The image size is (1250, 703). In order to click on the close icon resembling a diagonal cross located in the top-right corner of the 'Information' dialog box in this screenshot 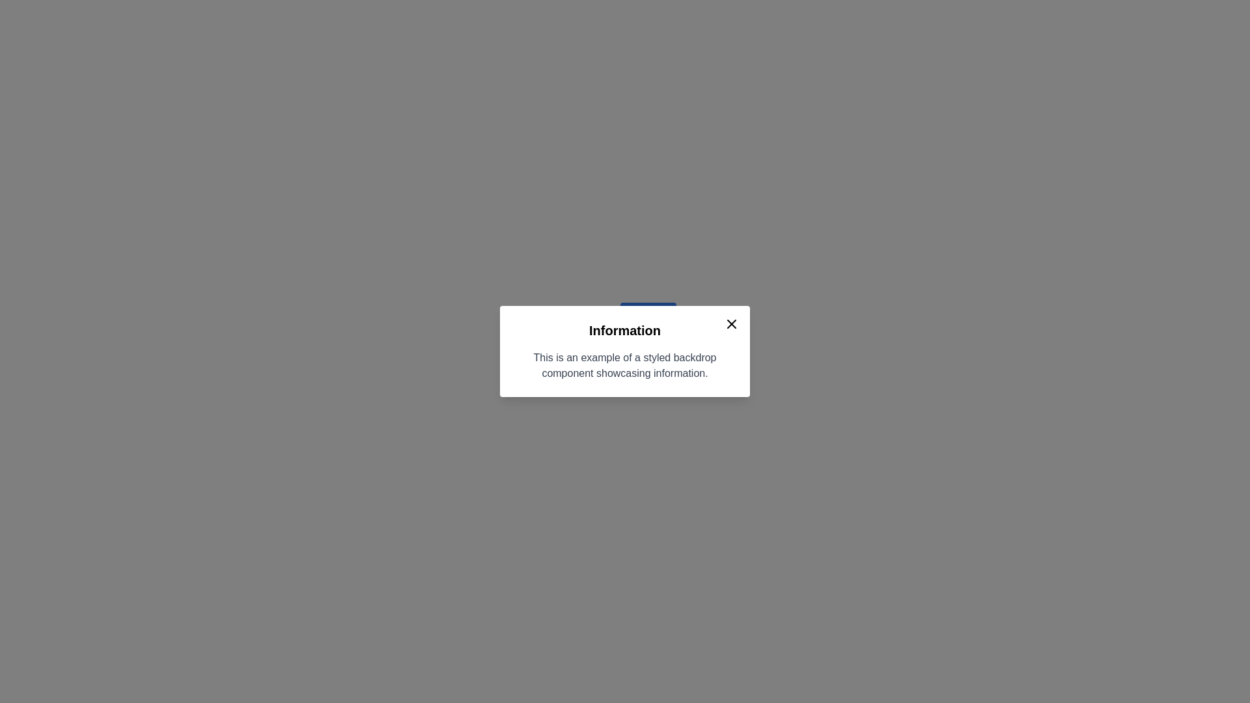, I will do `click(731, 323)`.